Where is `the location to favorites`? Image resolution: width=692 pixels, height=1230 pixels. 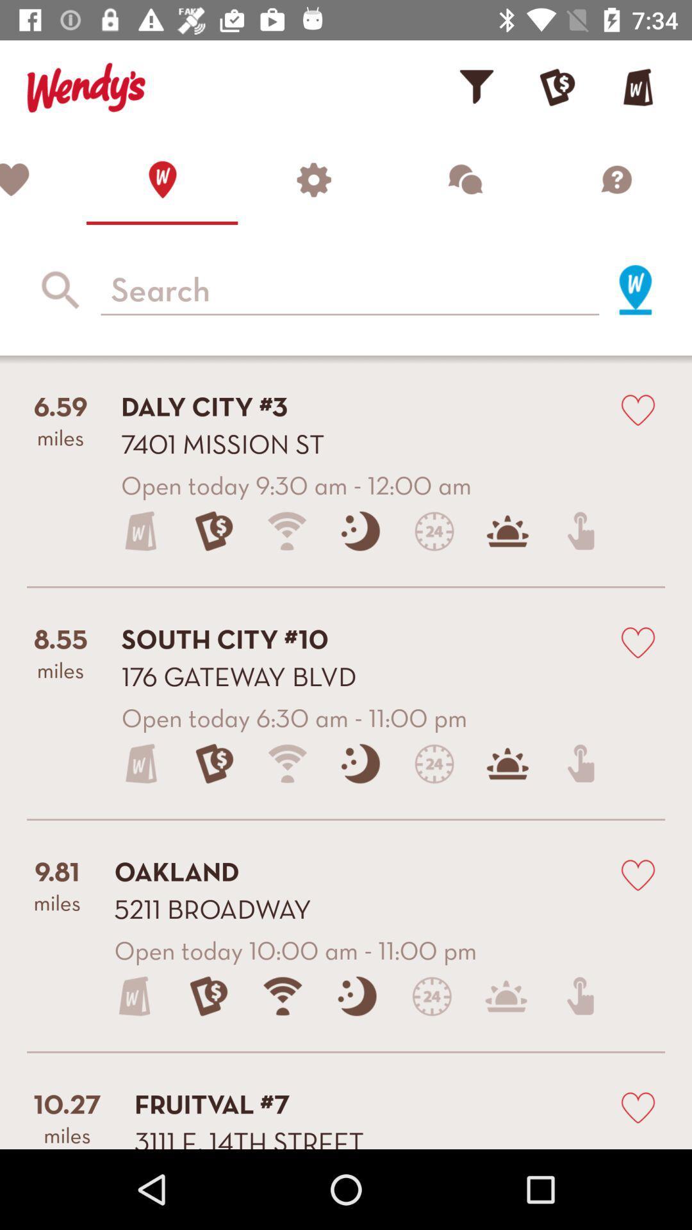 the location to favorites is located at coordinates (638, 642).